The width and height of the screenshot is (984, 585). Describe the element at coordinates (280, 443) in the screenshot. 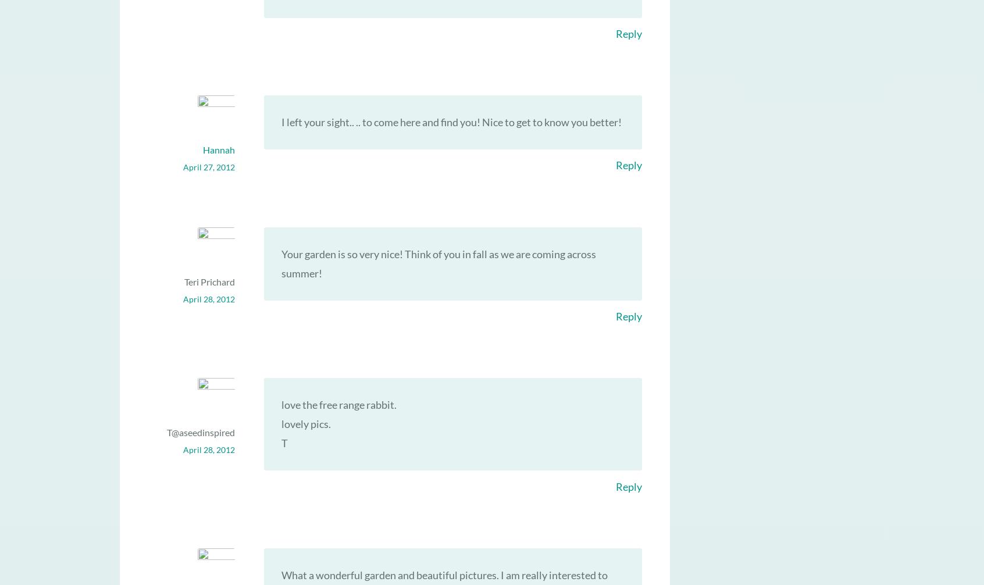

I see `'T'` at that location.